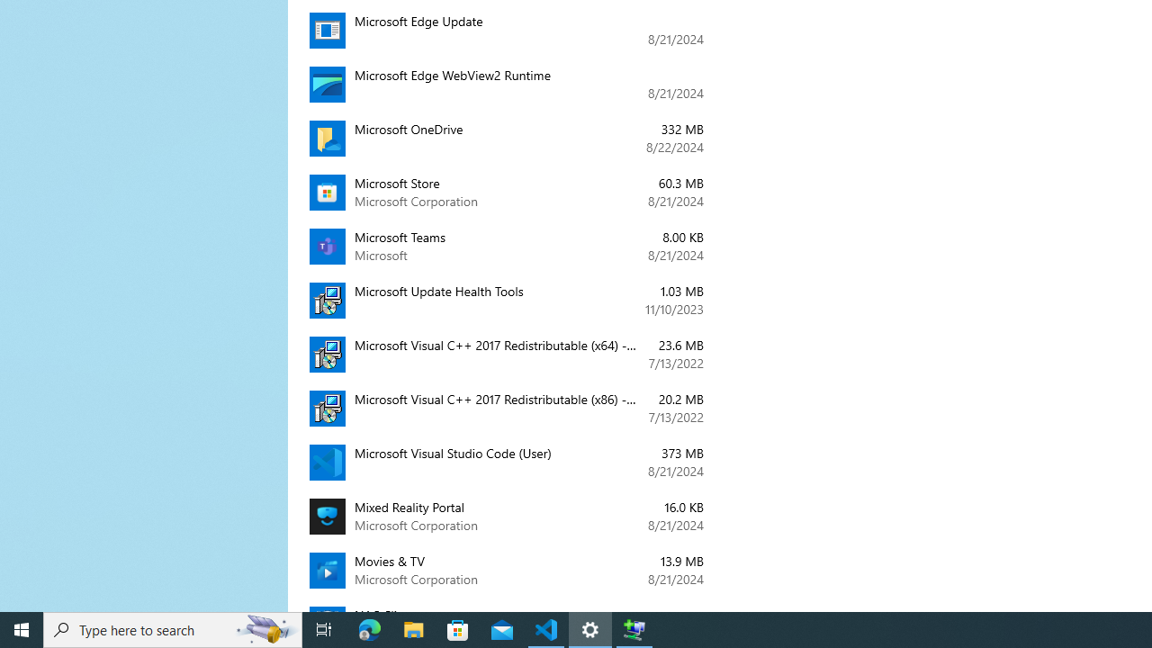  Describe the element at coordinates (634, 628) in the screenshot. I see `'Extensible Wizards Host Process - 1 running window'` at that location.